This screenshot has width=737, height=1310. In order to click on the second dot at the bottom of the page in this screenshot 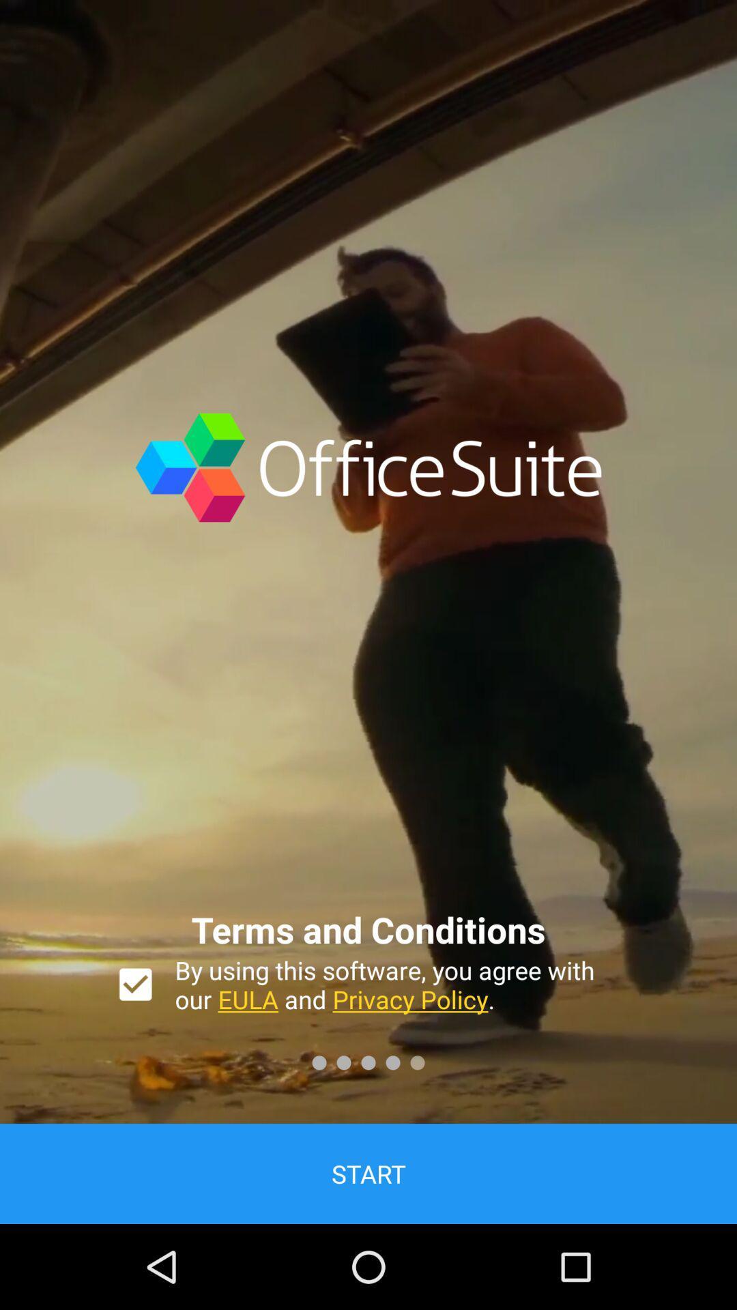, I will do `click(343, 1062)`.